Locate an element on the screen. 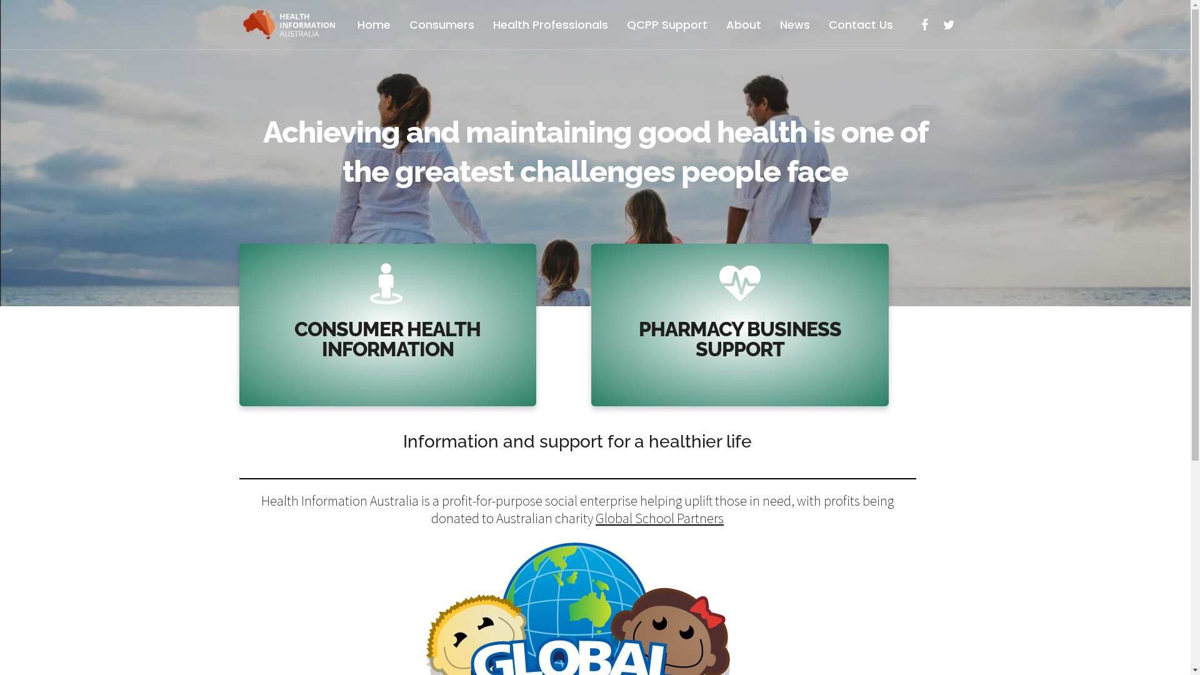 The image size is (1200, 675). 'CONSUMER HEALTH is located at coordinates (387, 310).